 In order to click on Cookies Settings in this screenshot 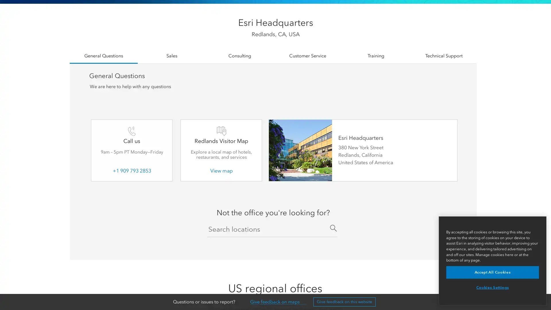, I will do `click(492, 288)`.